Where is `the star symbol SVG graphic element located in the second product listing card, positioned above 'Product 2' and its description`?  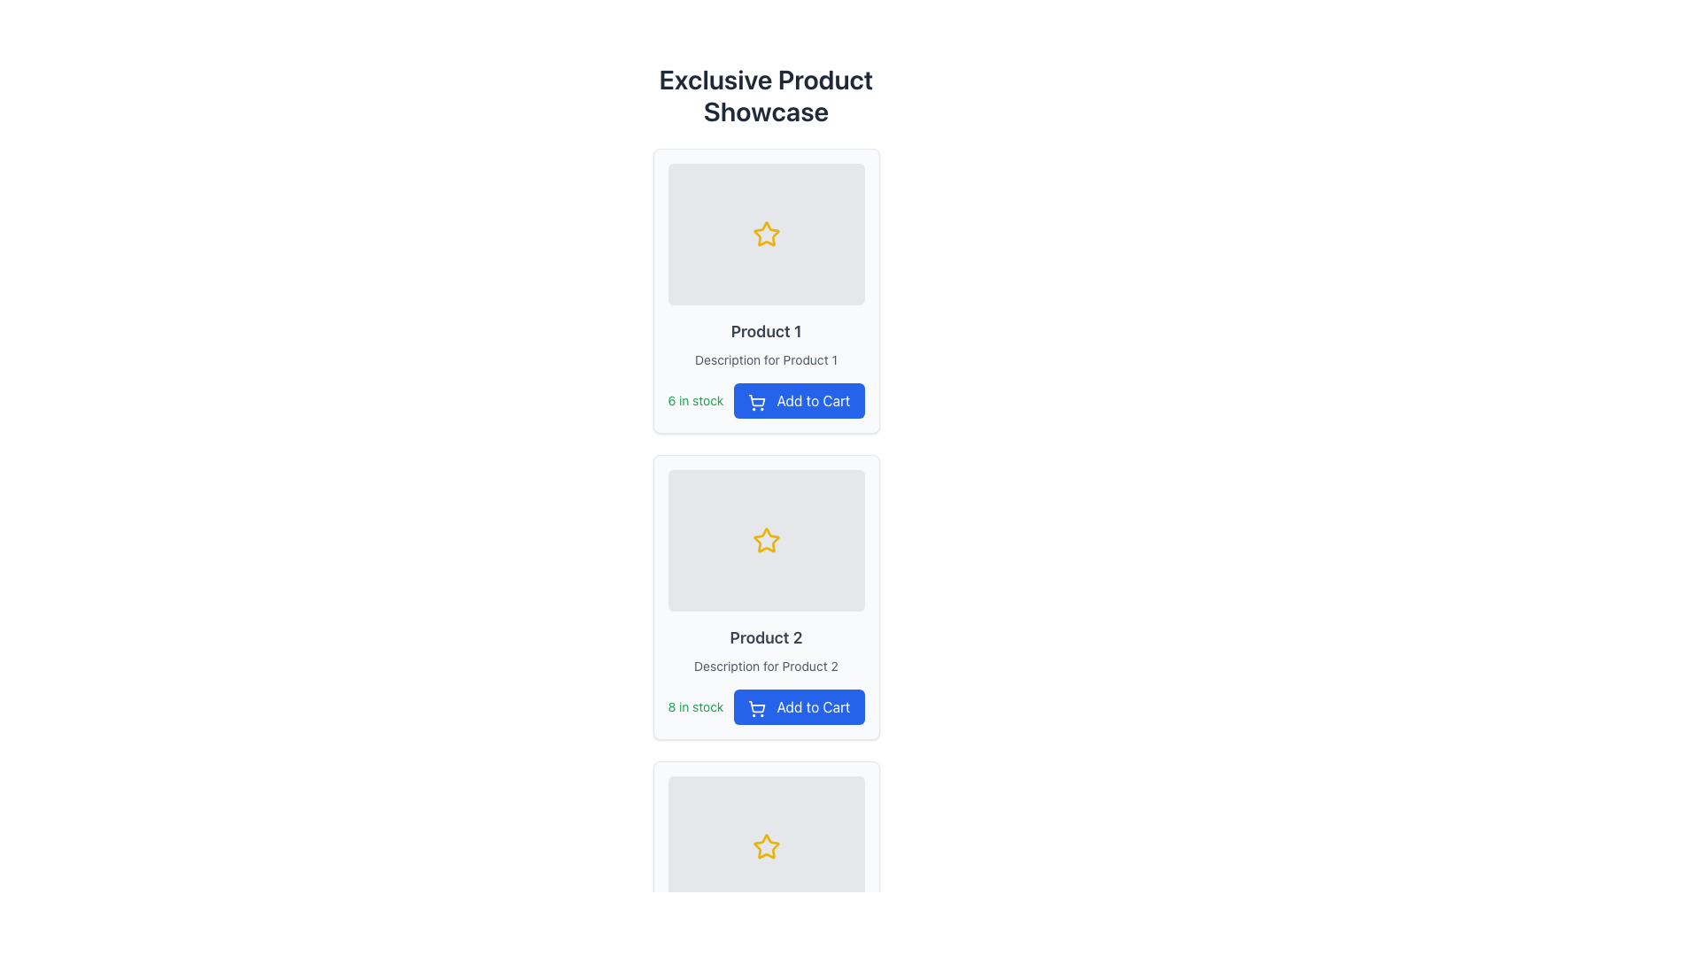
the star symbol SVG graphic element located in the second product listing card, positioned above 'Product 2' and its description is located at coordinates (766, 539).